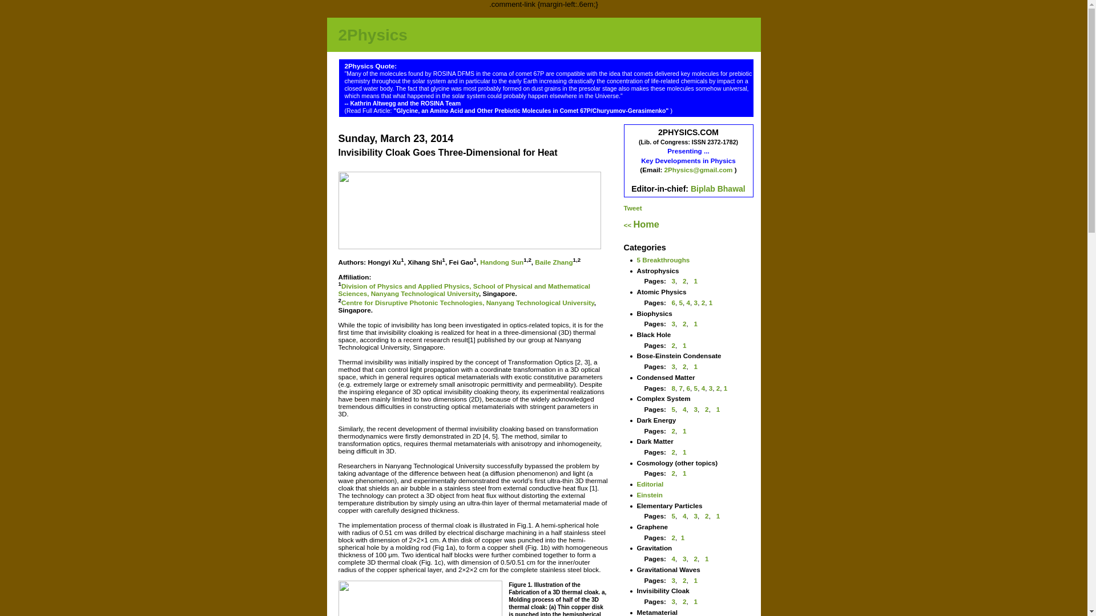  I want to click on 'Baile Zhang', so click(534, 262).